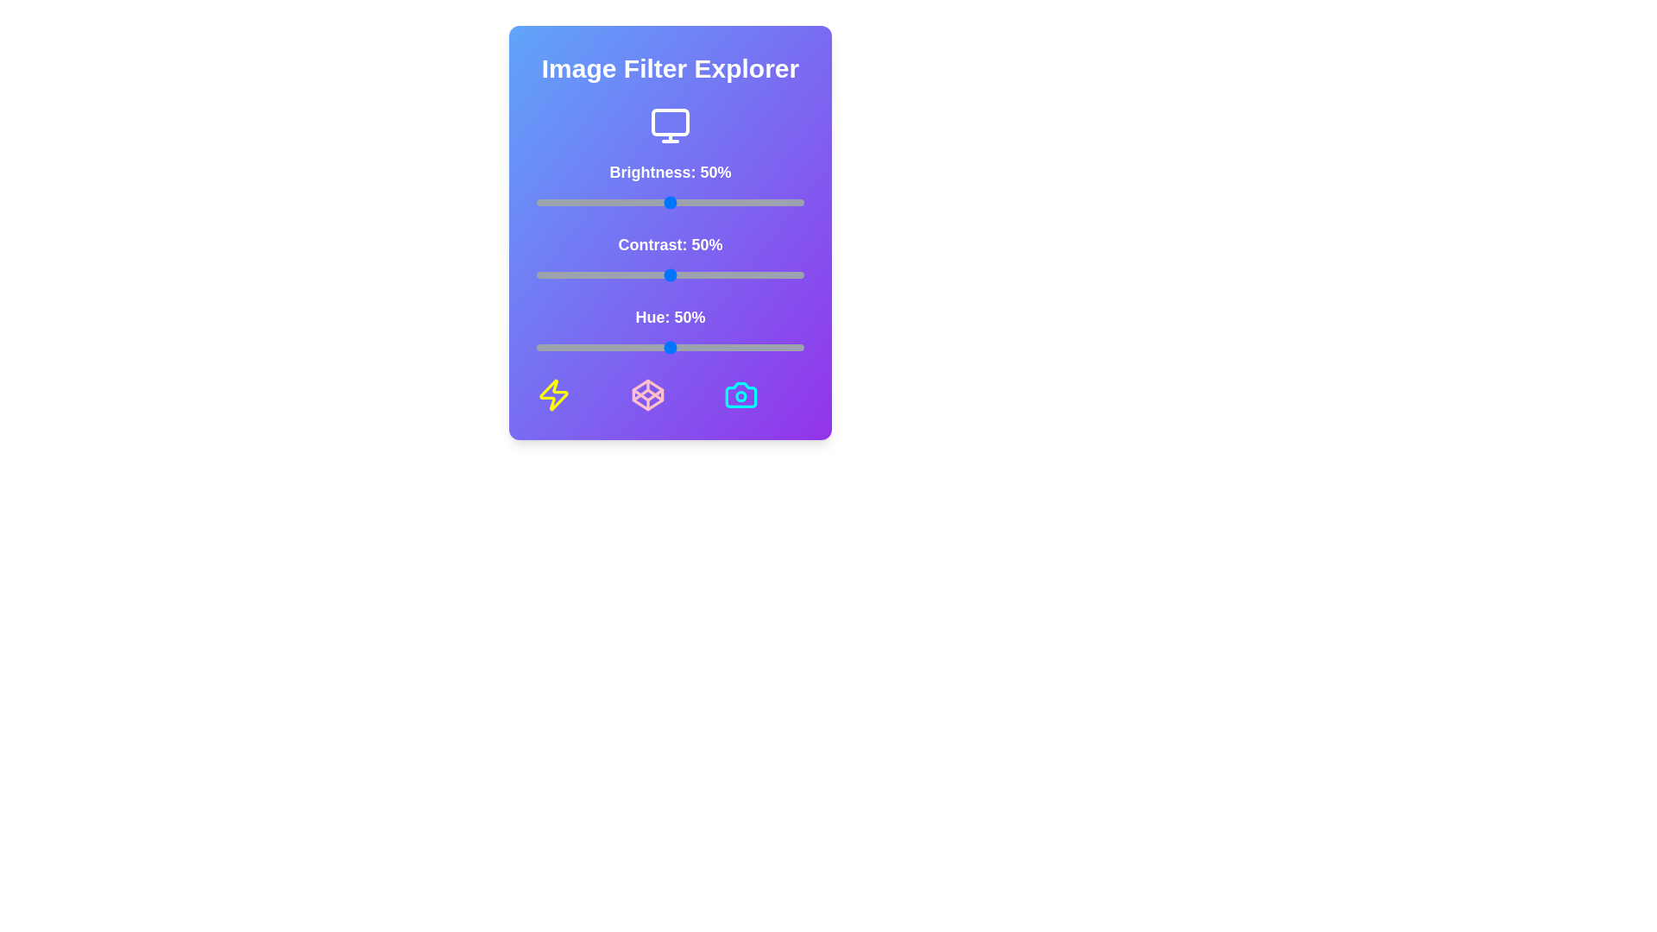  I want to click on the contrast slider to 51%, so click(672, 274).